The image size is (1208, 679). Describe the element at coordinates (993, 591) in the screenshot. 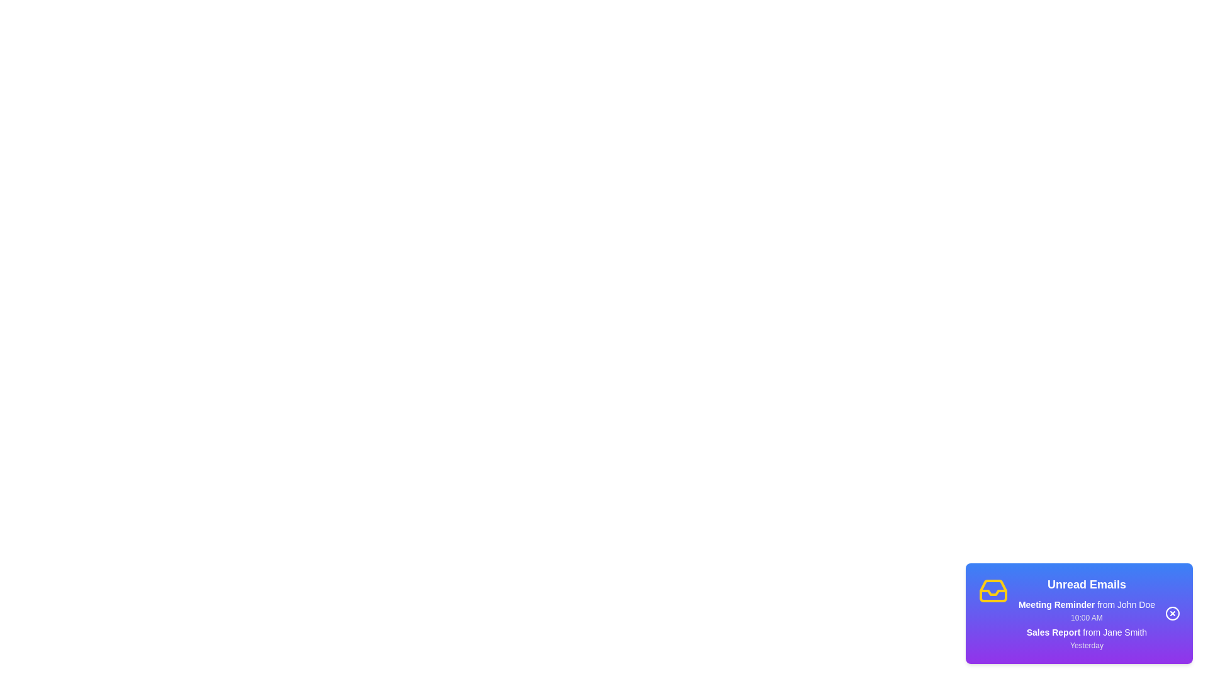

I see `the notification icon to interact with it` at that location.